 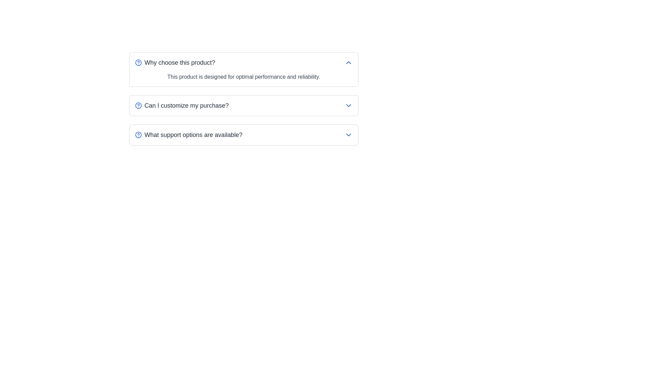 I want to click on the decorative circular graphic element of the help icon located next to the 'What support options are available?' question, so click(x=138, y=135).